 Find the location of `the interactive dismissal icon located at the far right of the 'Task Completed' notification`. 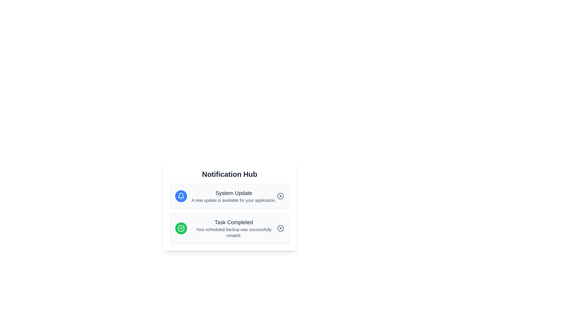

the interactive dismissal icon located at the far right of the 'Task Completed' notification is located at coordinates (280, 228).